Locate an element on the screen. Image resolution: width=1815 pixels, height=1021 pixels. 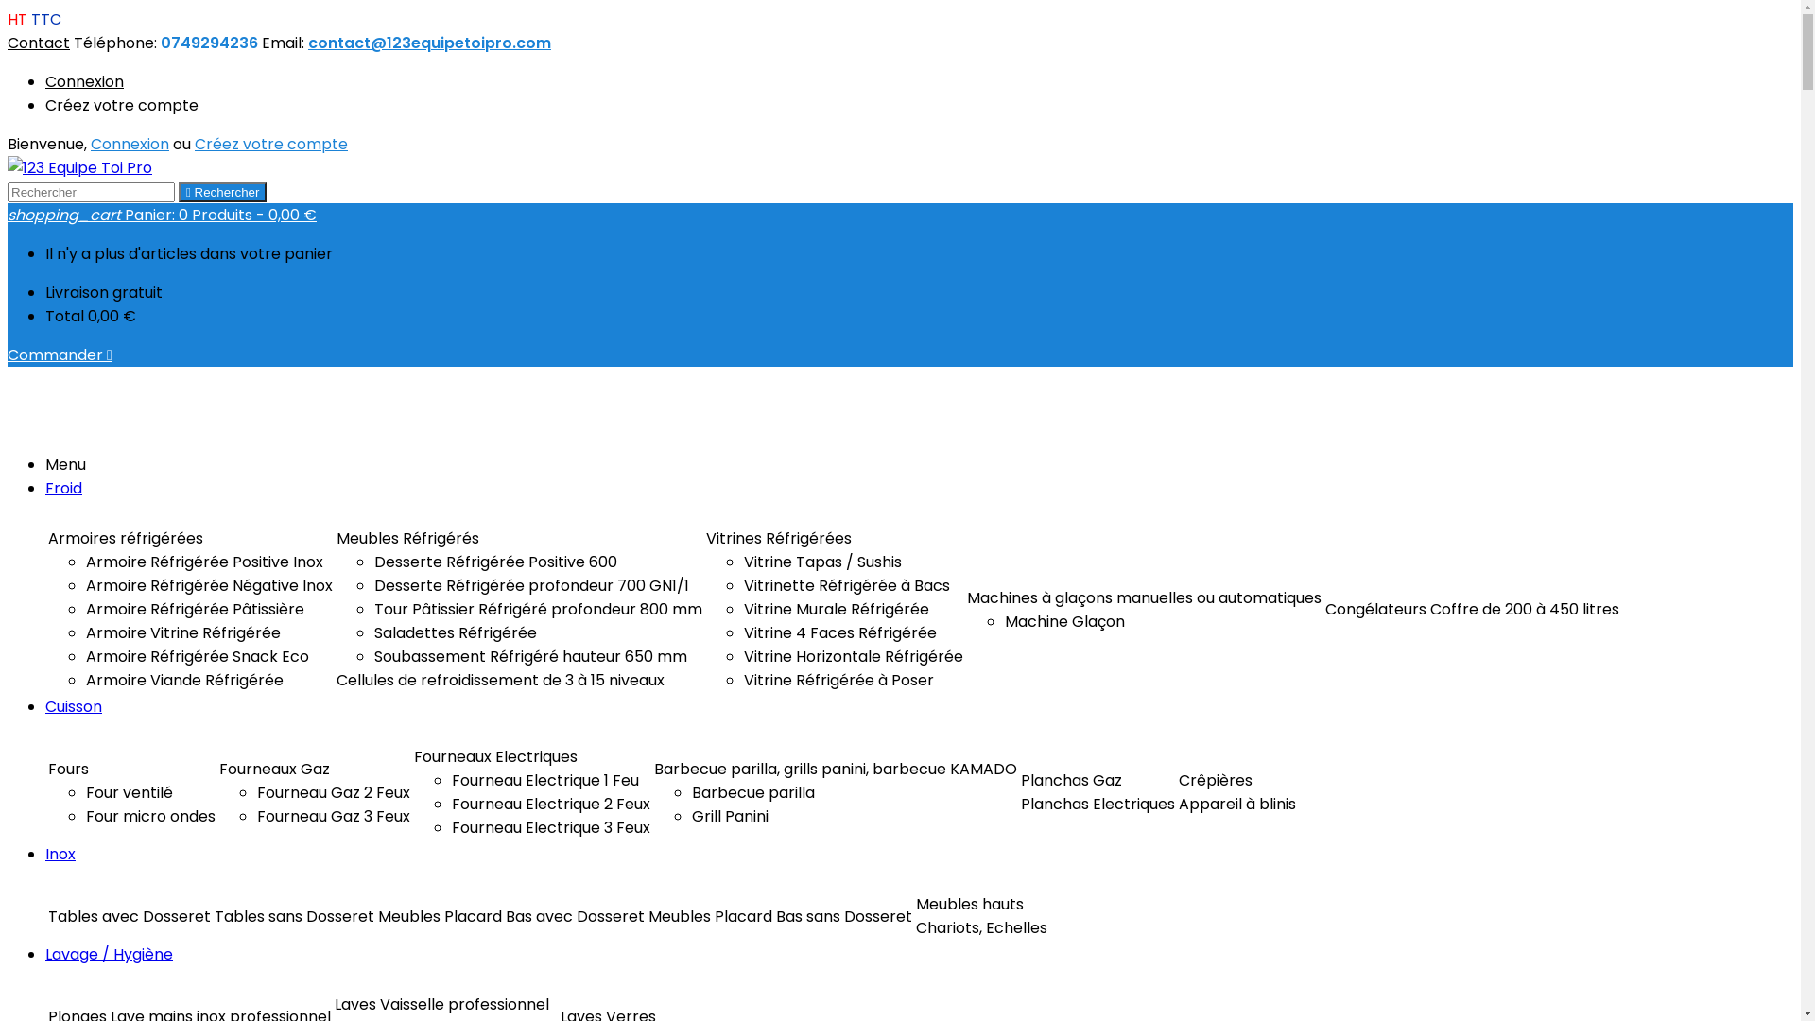
'Froid' is located at coordinates (63, 487).